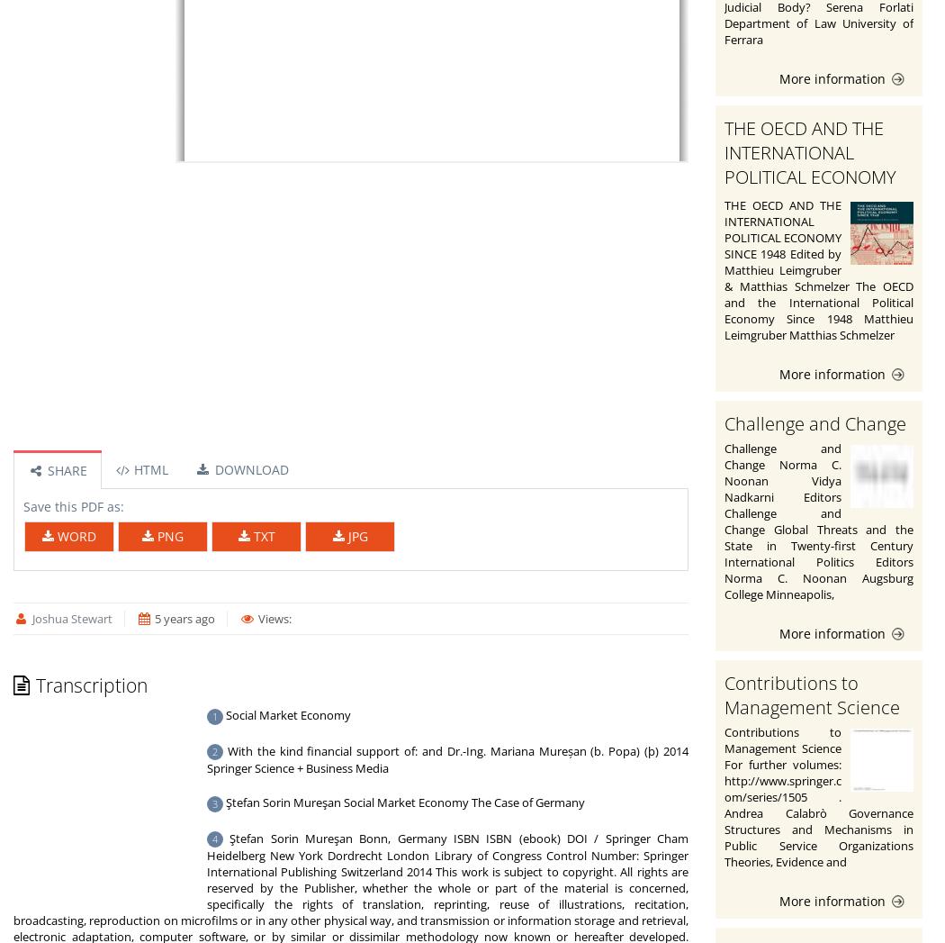  I want to click on '4', so click(214, 839).